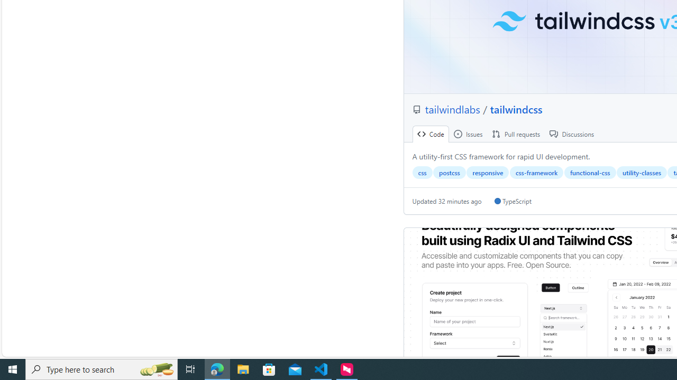  I want to click on 'postcss', so click(449, 172).